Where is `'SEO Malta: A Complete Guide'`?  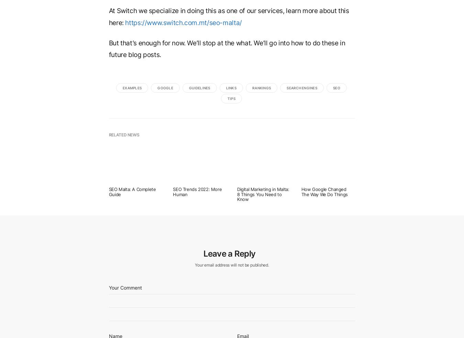 'SEO Malta: A Complete Guide' is located at coordinates (132, 191).